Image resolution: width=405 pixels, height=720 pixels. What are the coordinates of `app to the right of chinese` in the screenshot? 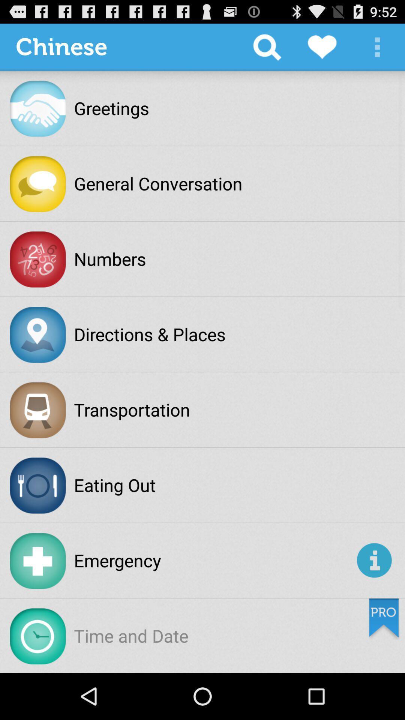 It's located at (267, 46).